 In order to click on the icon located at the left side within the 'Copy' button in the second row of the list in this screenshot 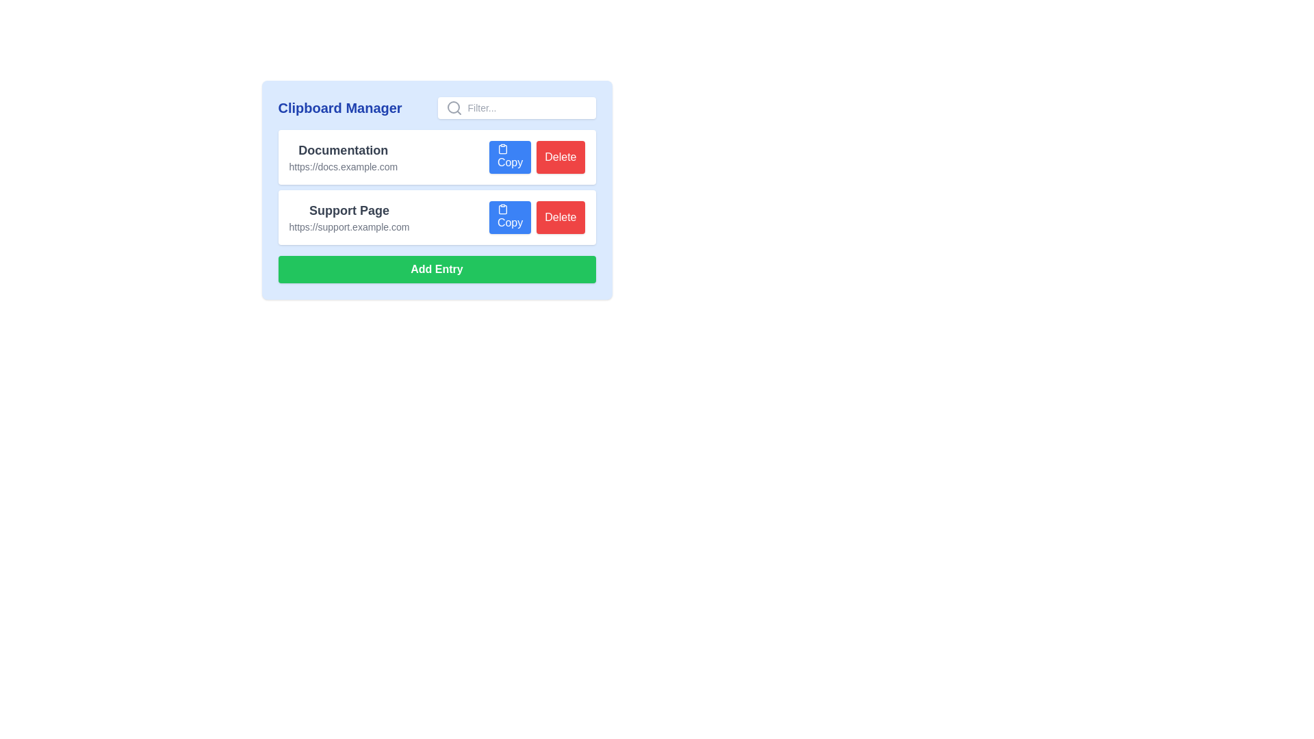, I will do `click(502, 209)`.